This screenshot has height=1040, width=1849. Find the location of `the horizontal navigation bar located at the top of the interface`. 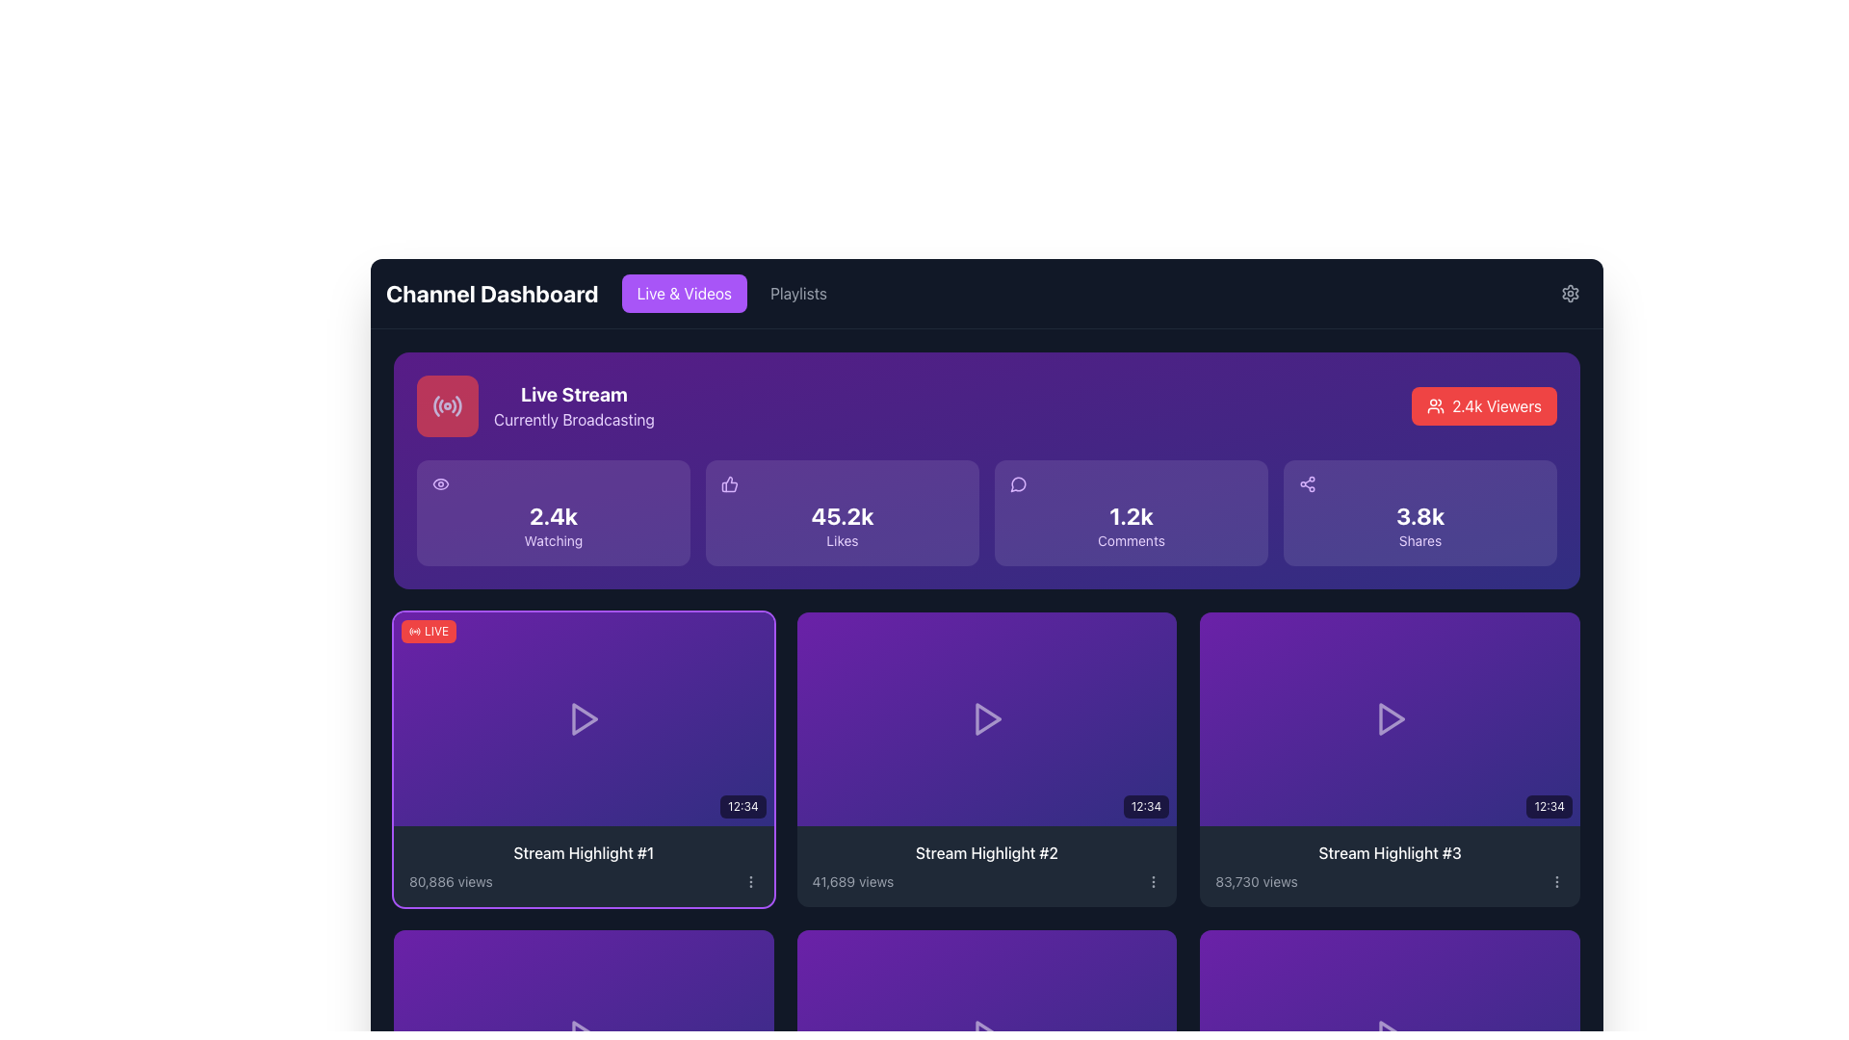

the horizontal navigation bar located at the top of the interface is located at coordinates (987, 293).